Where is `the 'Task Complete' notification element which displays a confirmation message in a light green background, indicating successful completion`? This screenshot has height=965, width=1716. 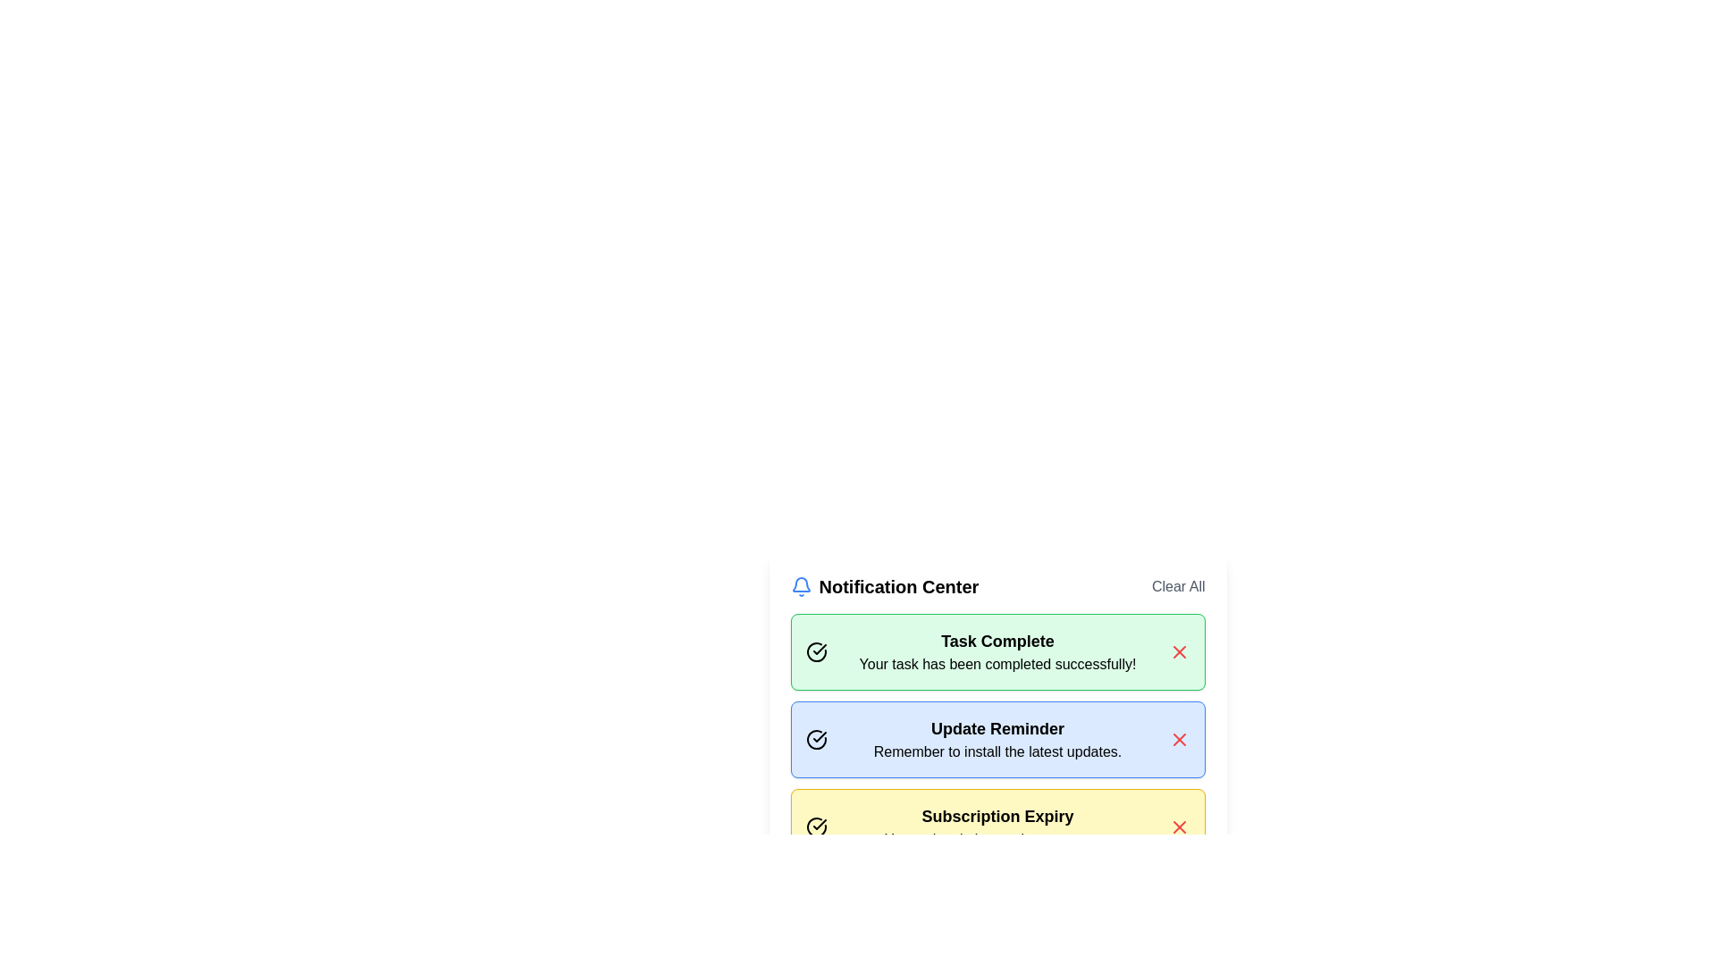
the 'Task Complete' notification element which displays a confirmation message in a light green background, indicating successful completion is located at coordinates (997, 651).